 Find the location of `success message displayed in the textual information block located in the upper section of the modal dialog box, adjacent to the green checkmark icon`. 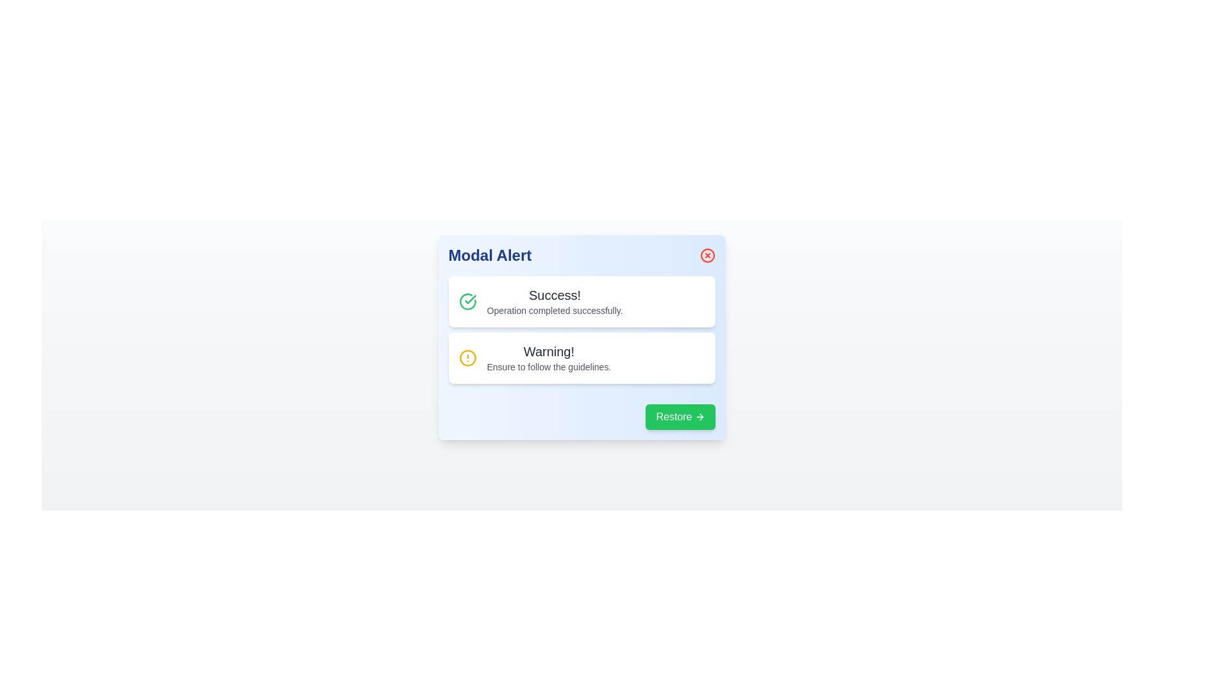

success message displayed in the textual information block located in the upper section of the modal dialog box, adjacent to the green checkmark icon is located at coordinates (555, 301).